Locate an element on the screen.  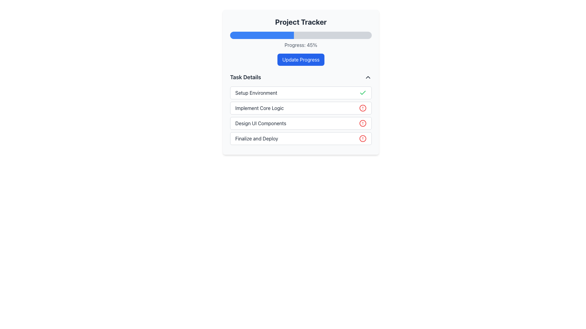
the list item containing the text 'Finalize and Deploy' with a red alert icon is located at coordinates (301, 139).